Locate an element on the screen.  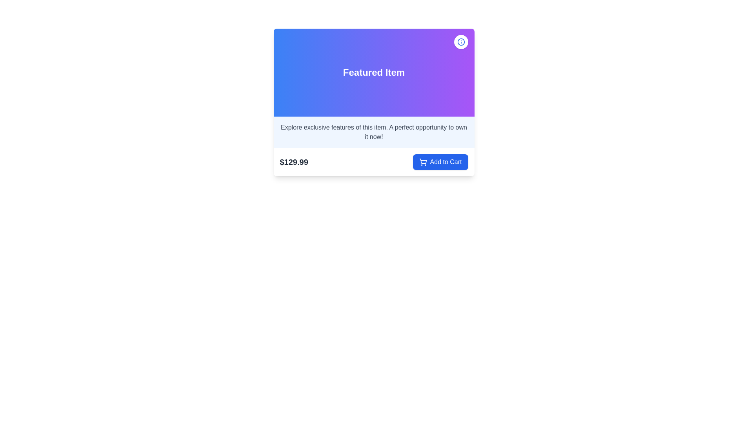
the shopping cart icon inside the 'Add to Cart' button is located at coordinates (422, 161).